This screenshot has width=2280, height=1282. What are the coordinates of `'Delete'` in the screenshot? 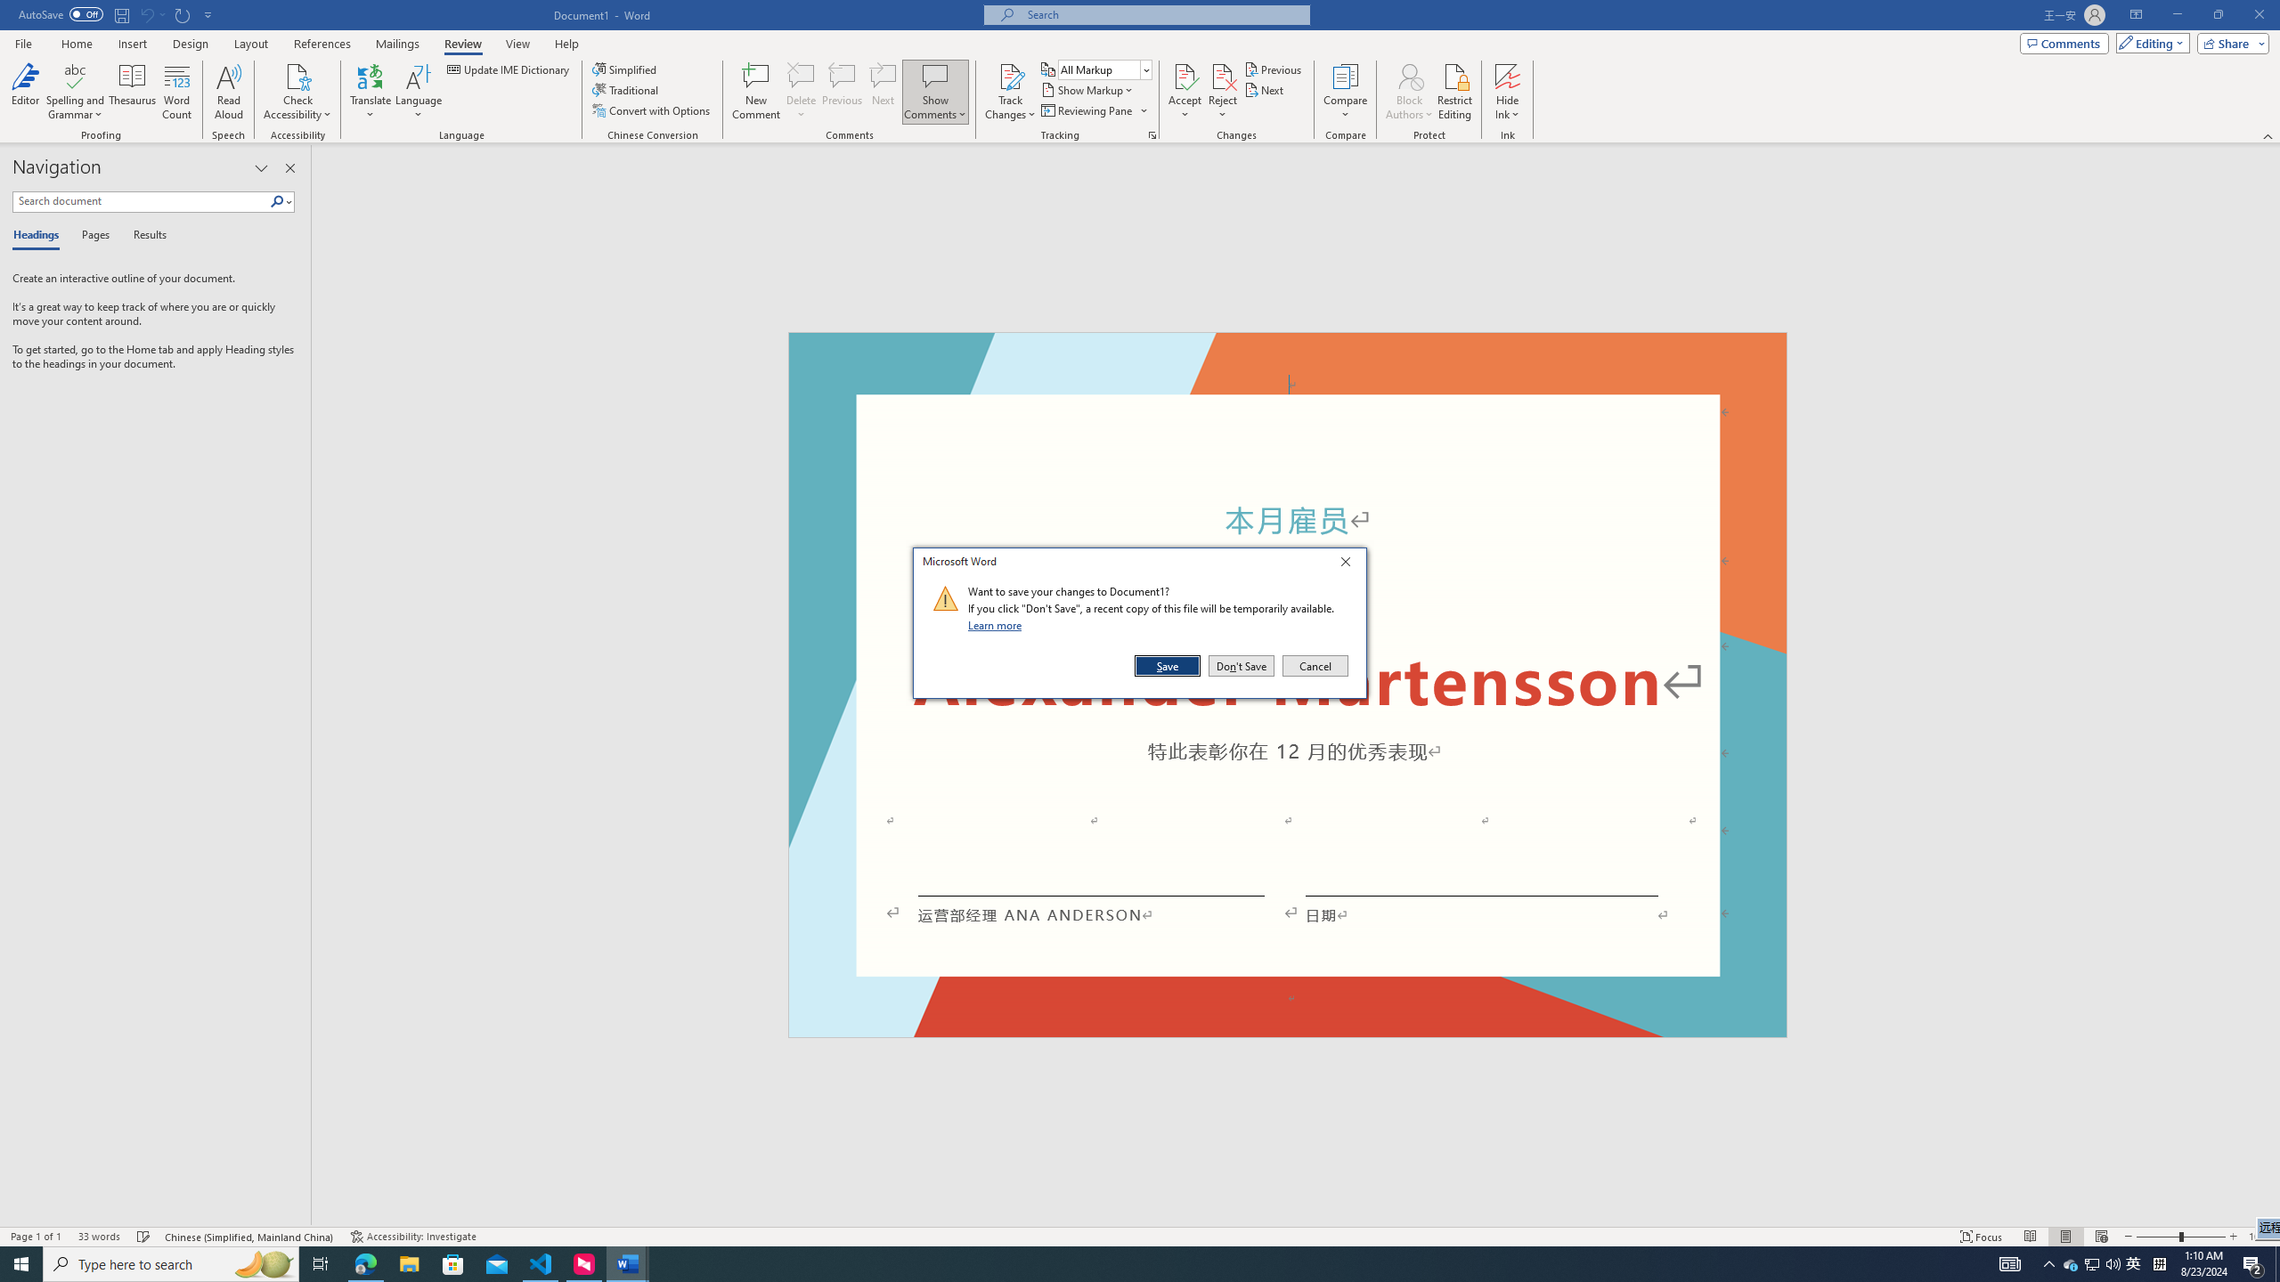 It's located at (800, 92).